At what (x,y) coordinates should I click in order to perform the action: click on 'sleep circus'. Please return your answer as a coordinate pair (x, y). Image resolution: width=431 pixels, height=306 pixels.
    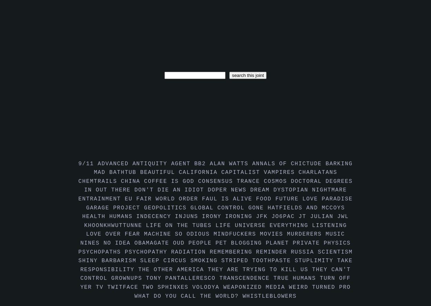
    Looking at the image, I should click on (165, 260).